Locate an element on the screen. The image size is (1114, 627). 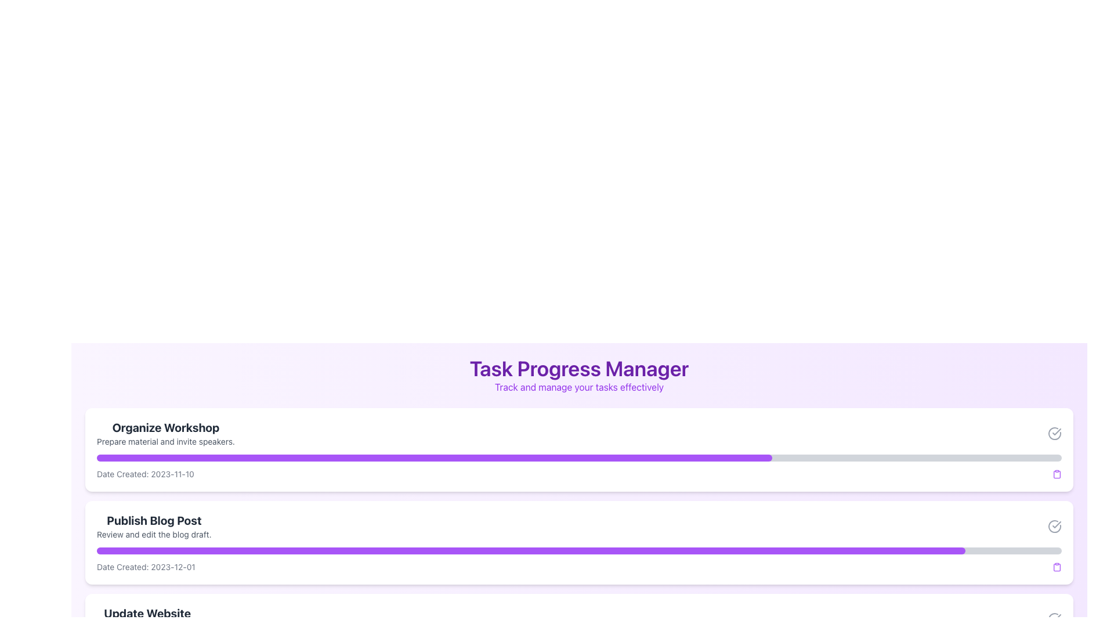
the informational text displaying the creation date of a related task, located beneath the 'Publish Blog Post' task header and progress indicator is located at coordinates (145, 566).